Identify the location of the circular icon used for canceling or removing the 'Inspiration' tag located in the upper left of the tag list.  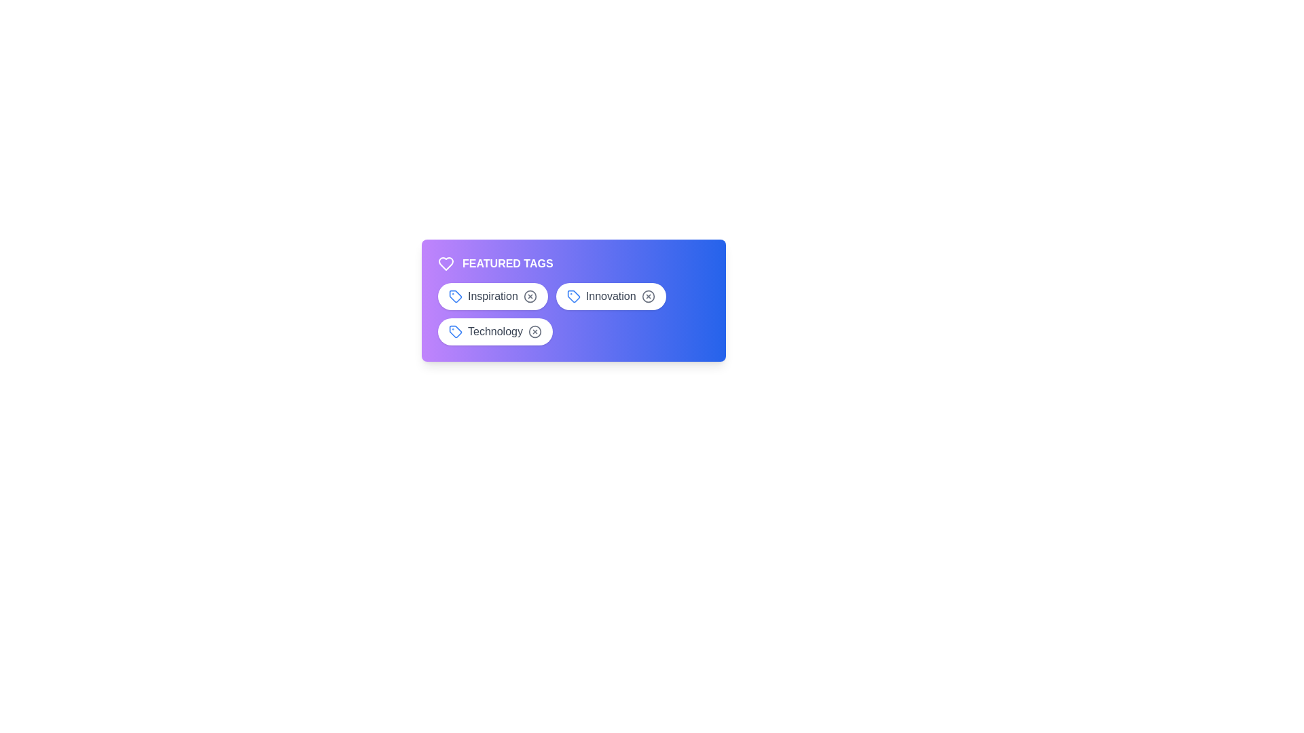
(529, 295).